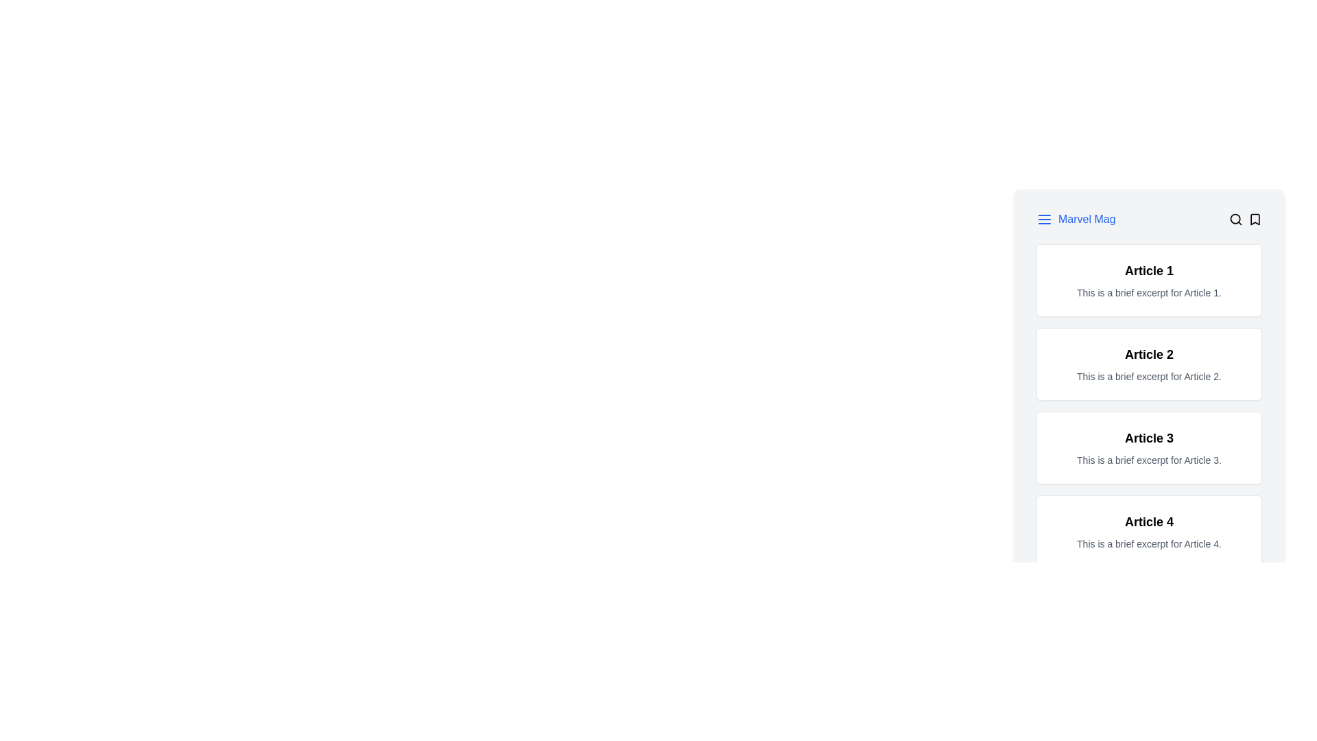 This screenshot has width=1317, height=741. What do you see at coordinates (1149, 353) in the screenshot?
I see `the bold text label displaying 'Article 2' located in the second content block, which is prominently styled and positioned above 'Article 3'` at bounding box center [1149, 353].